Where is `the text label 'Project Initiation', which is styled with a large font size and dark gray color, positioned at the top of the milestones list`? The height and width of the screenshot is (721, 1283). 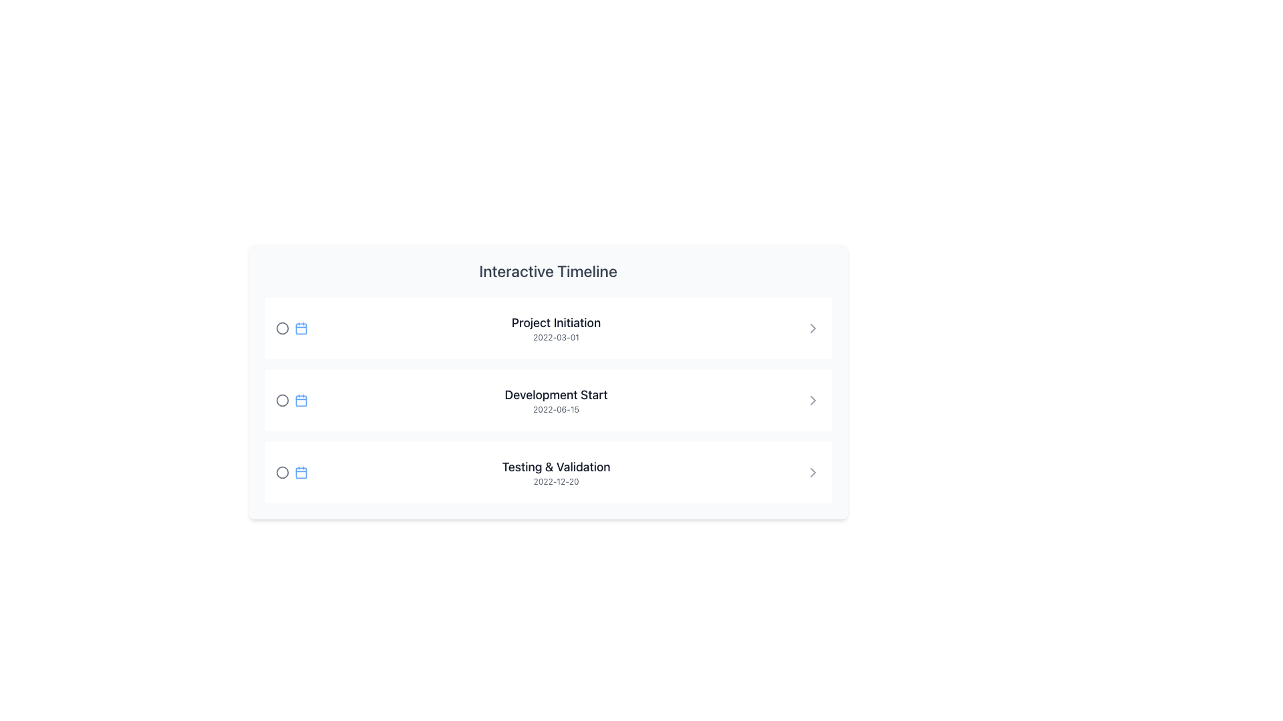 the text label 'Project Initiation', which is styled with a large font size and dark gray color, positioned at the top of the milestones list is located at coordinates (556, 322).